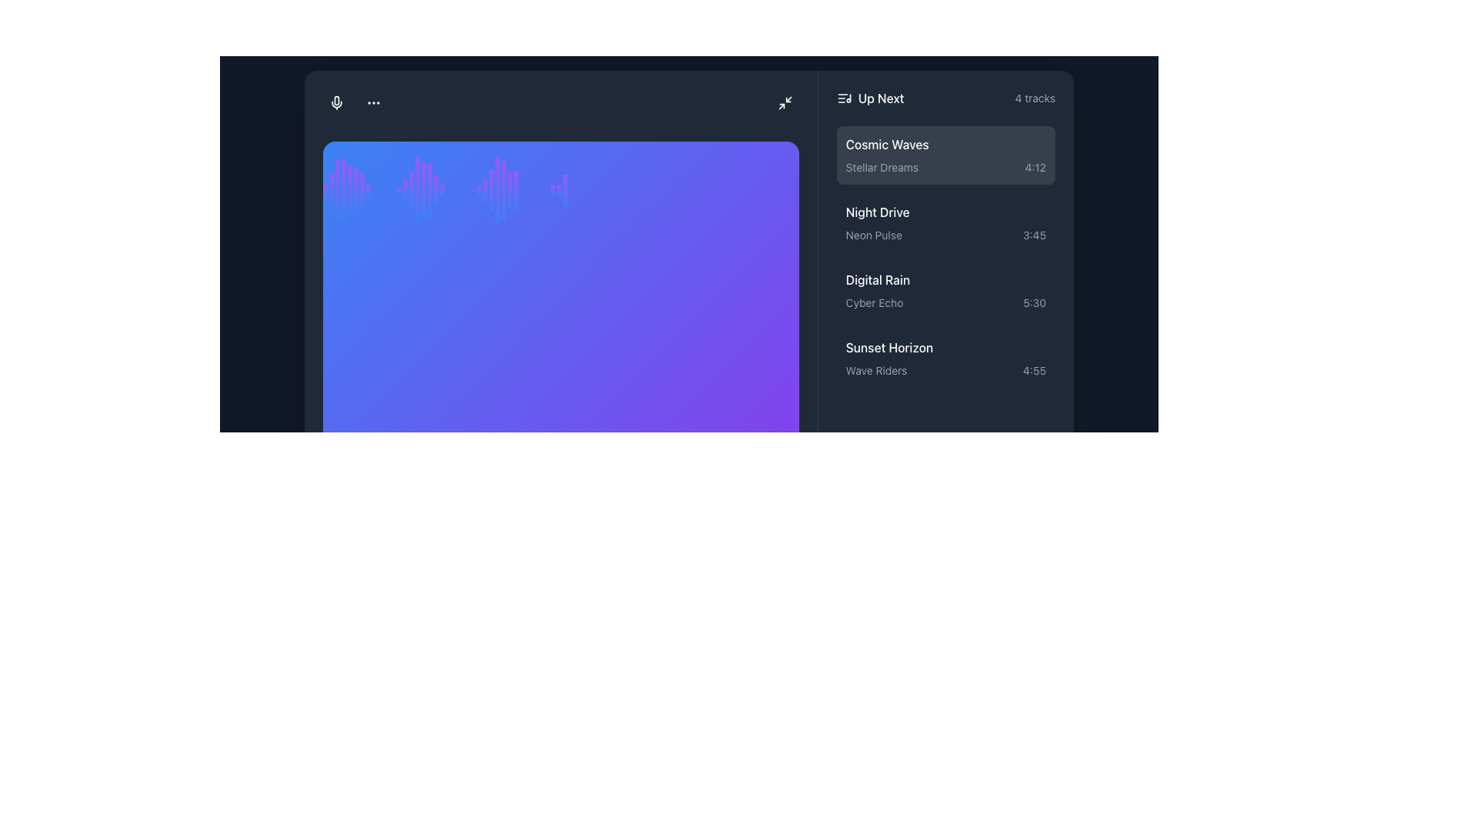  What do you see at coordinates (878, 279) in the screenshot?
I see `the text label for the audio track named 'Digital Rain'` at bounding box center [878, 279].